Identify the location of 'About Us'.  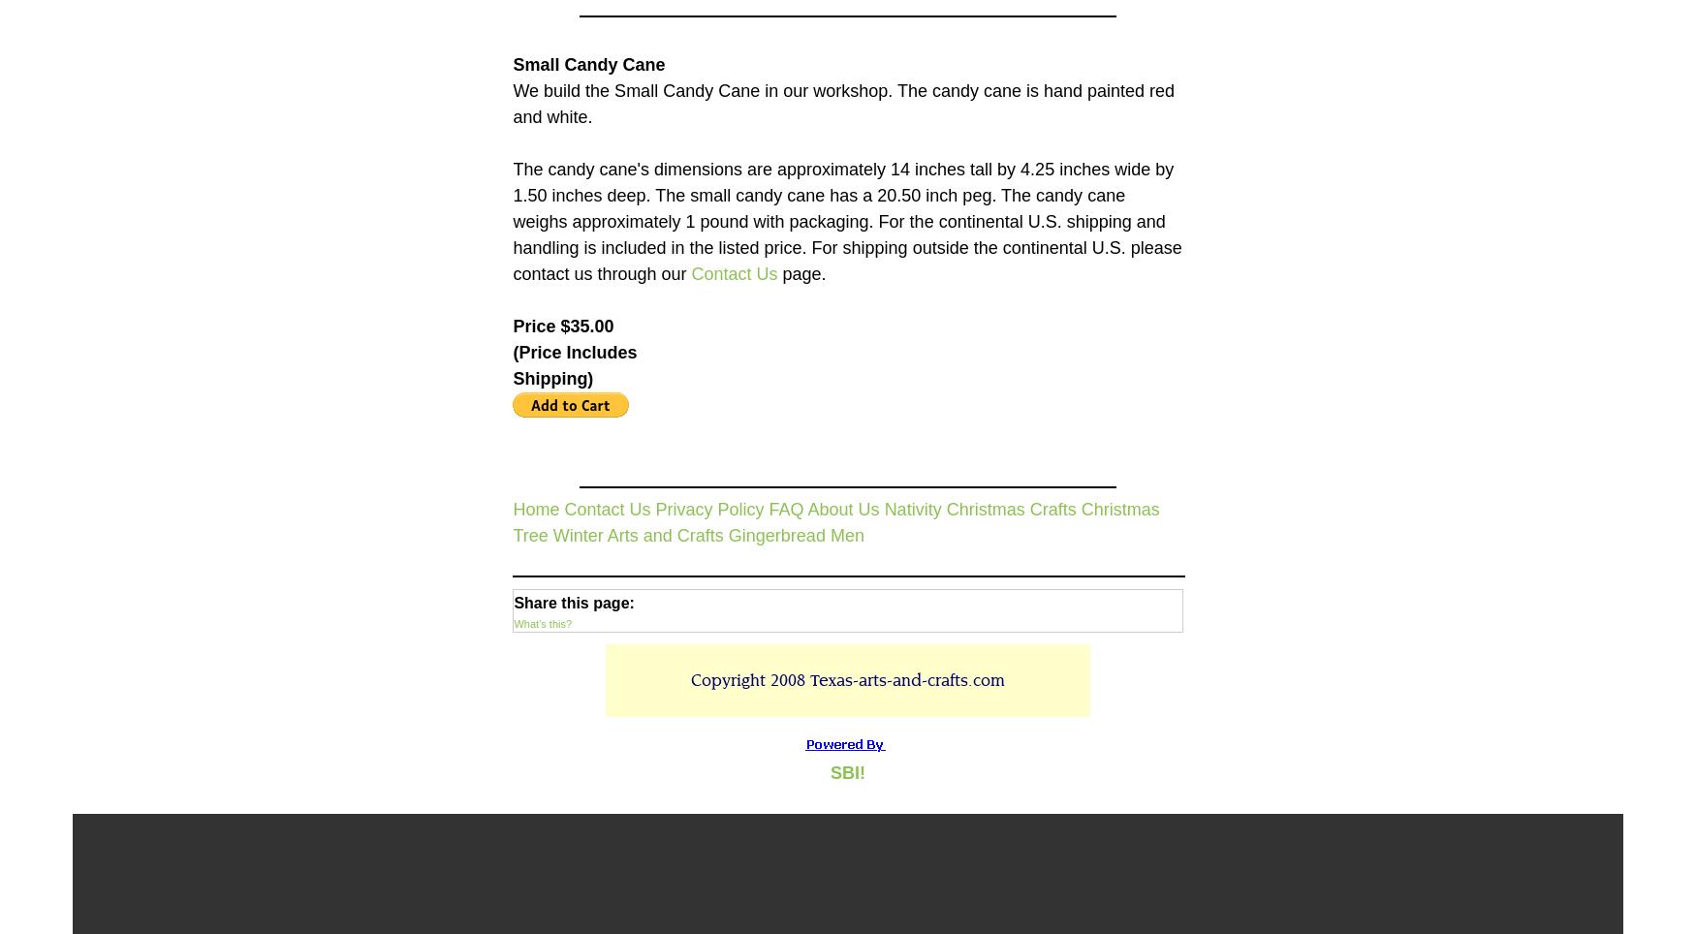
(842, 508).